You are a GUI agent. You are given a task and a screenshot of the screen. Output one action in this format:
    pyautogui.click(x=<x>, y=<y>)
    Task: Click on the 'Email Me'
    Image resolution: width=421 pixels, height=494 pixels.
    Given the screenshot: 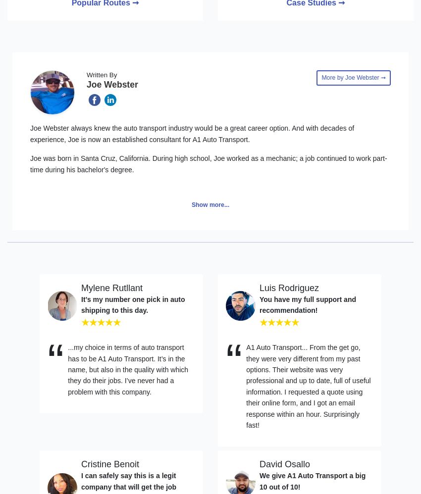 What is the action you would take?
    pyautogui.click(x=51, y=203)
    